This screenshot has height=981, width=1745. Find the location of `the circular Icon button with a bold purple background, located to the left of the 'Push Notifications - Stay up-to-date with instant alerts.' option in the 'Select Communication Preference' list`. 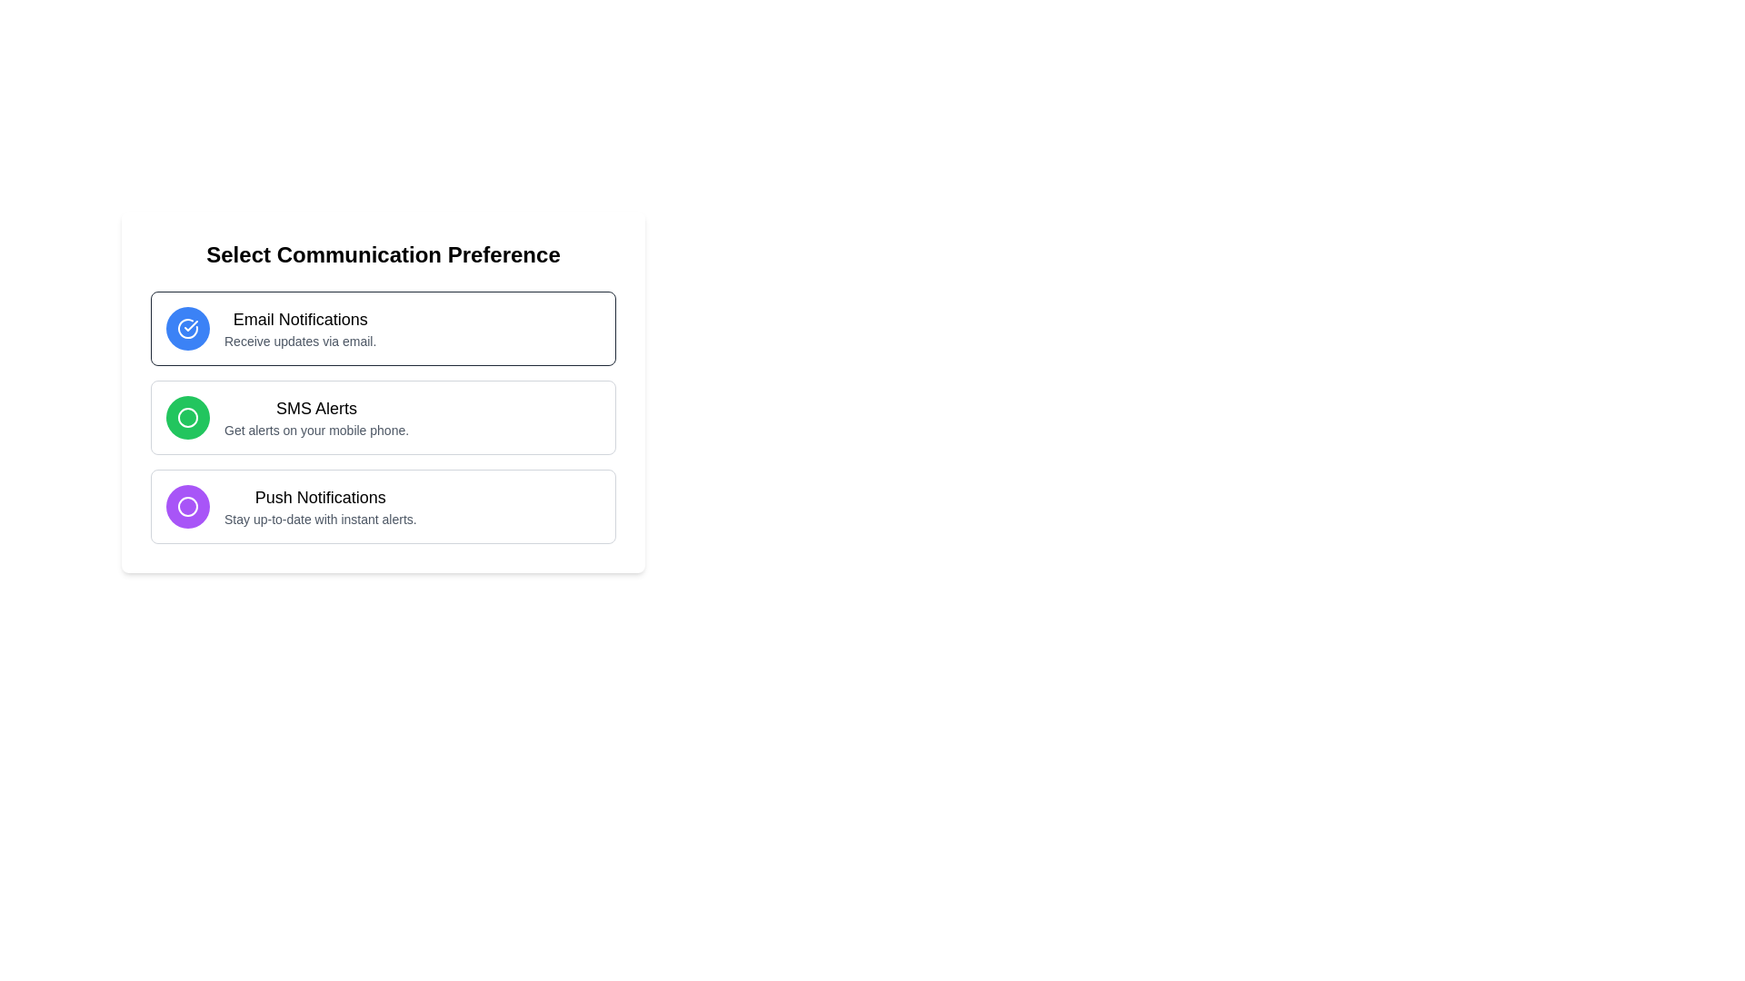

the circular Icon button with a bold purple background, located to the left of the 'Push Notifications - Stay up-to-date with instant alerts.' option in the 'Select Communication Preference' list is located at coordinates (187, 507).